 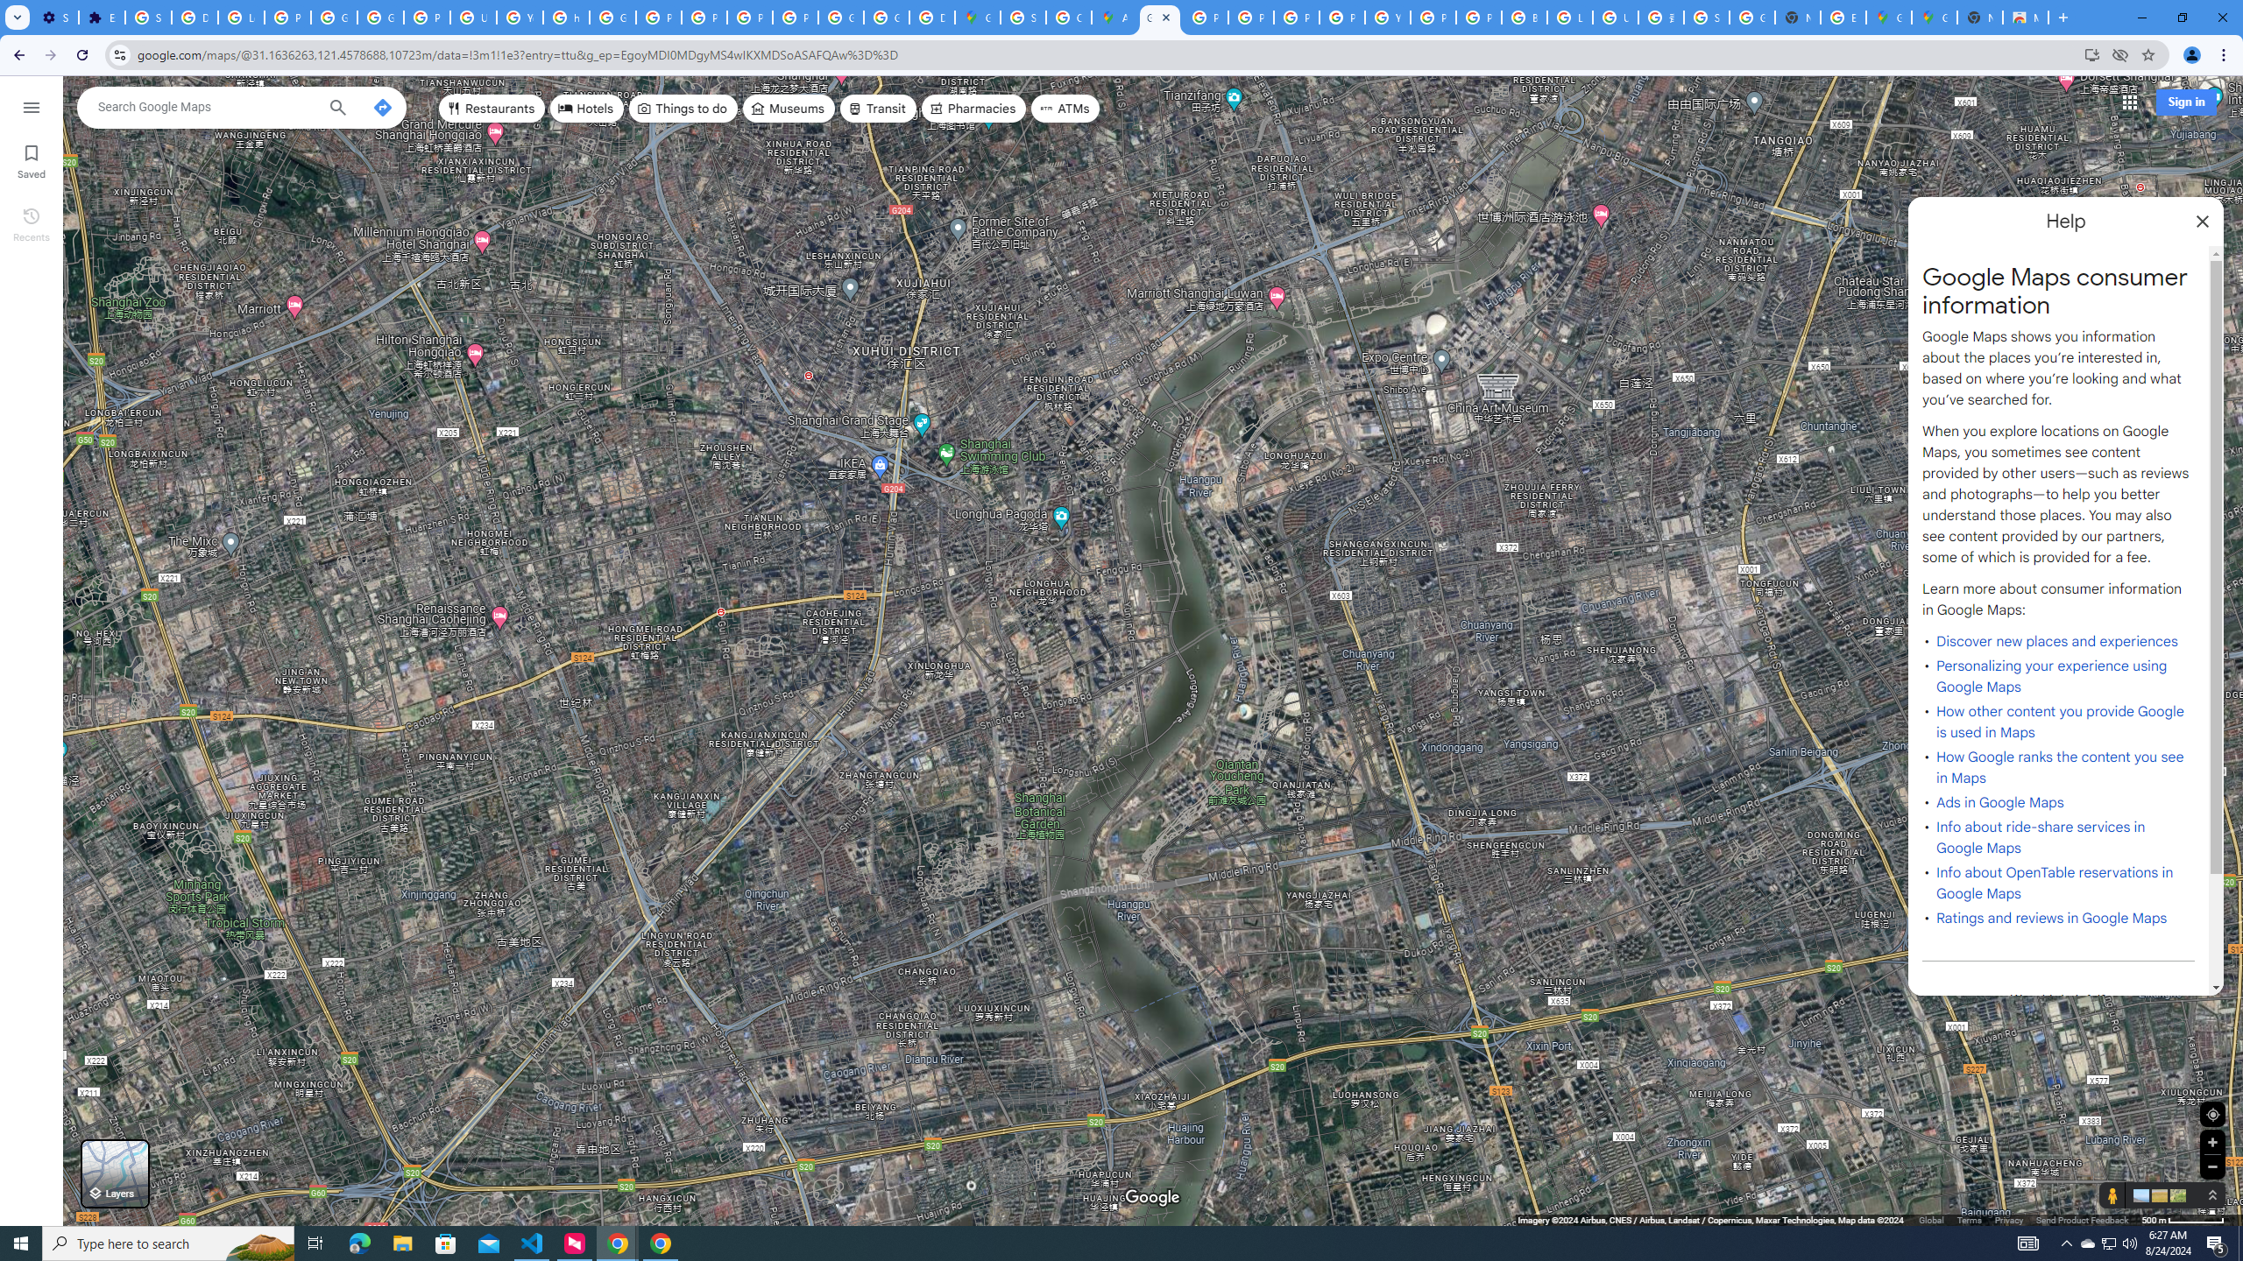 What do you see at coordinates (2183, 1220) in the screenshot?
I see `'500 m'` at bounding box center [2183, 1220].